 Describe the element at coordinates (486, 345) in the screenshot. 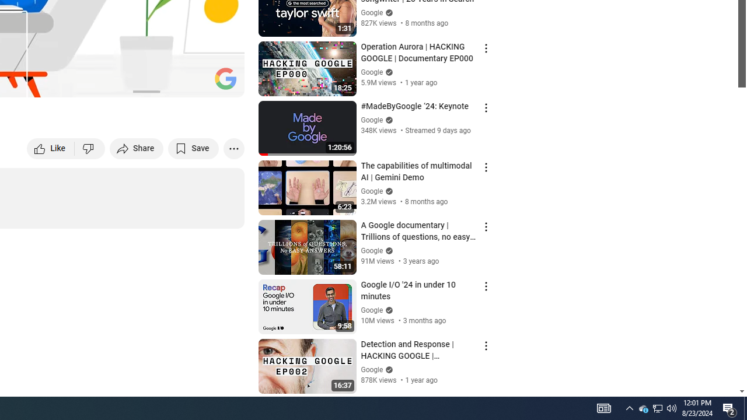

I see `'Action menu'` at that location.